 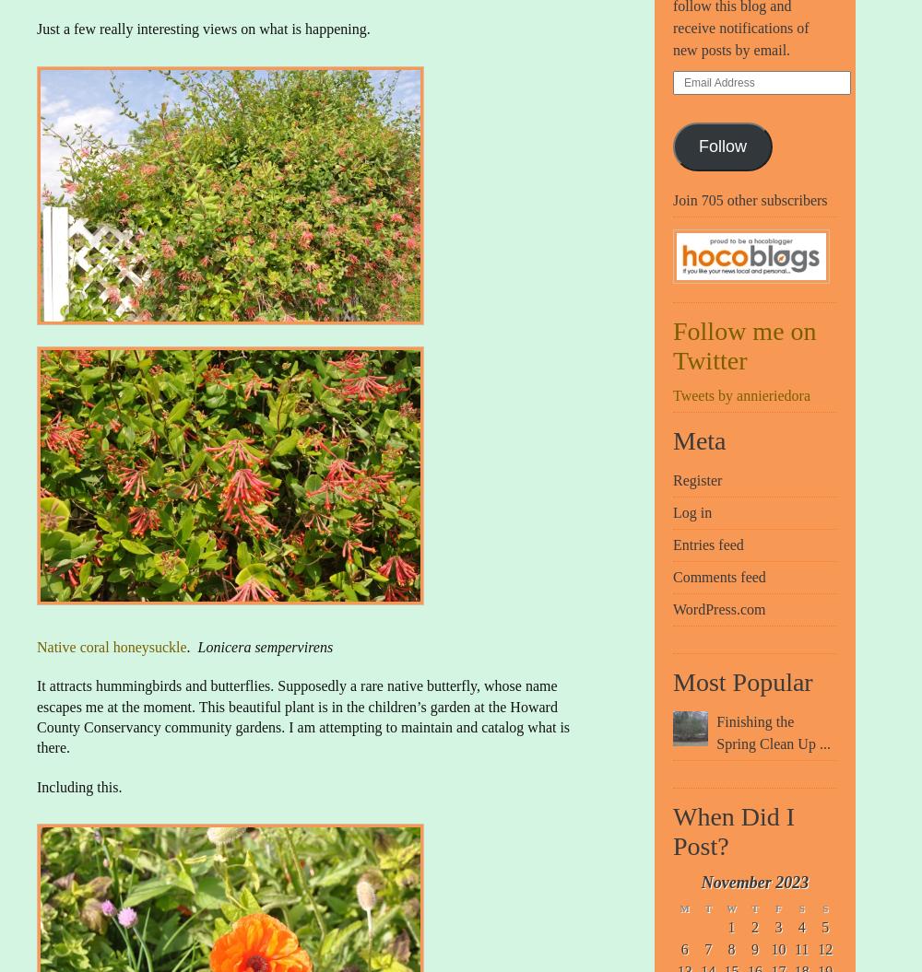 I want to click on 'Native coral honeysuckle', so click(x=37, y=645).